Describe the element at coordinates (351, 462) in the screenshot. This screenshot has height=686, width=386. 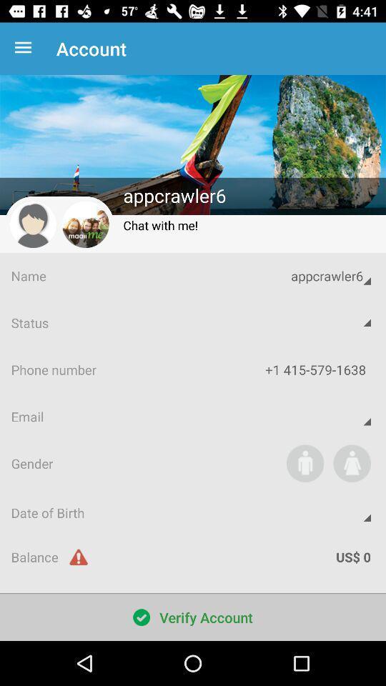
I see `icon below email app` at that location.